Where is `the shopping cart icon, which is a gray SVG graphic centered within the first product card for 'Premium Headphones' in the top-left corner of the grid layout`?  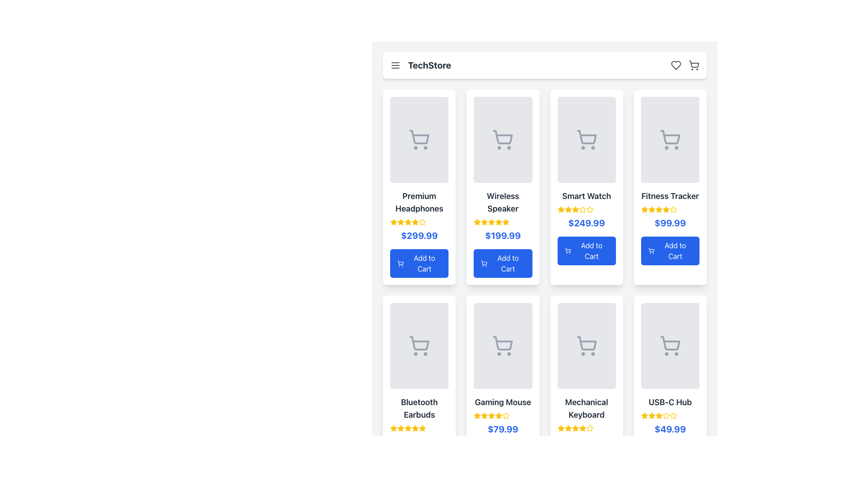 the shopping cart icon, which is a gray SVG graphic centered within the first product card for 'Premium Headphones' in the top-left corner of the grid layout is located at coordinates (419, 140).